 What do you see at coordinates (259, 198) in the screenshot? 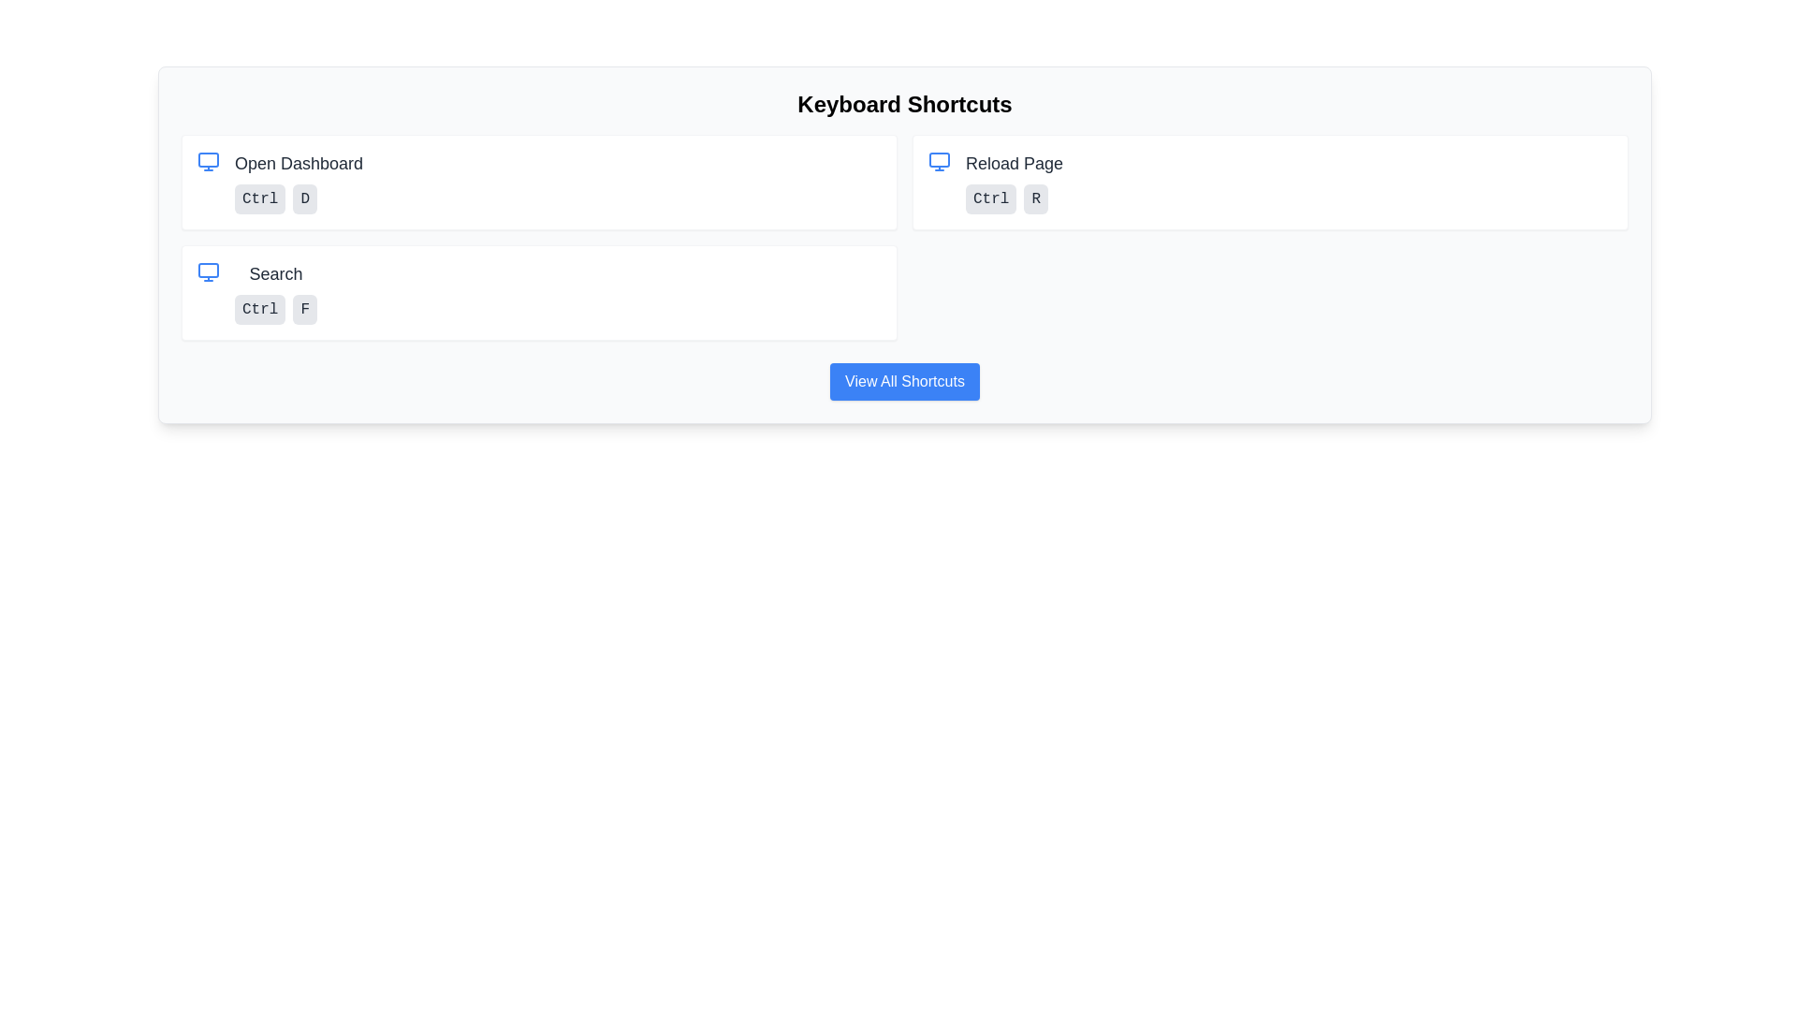
I see `the static visual indicator representing the 'Ctrl' key, which is the first element in the horizontal button group within the 'Open Dashboard' section` at bounding box center [259, 198].